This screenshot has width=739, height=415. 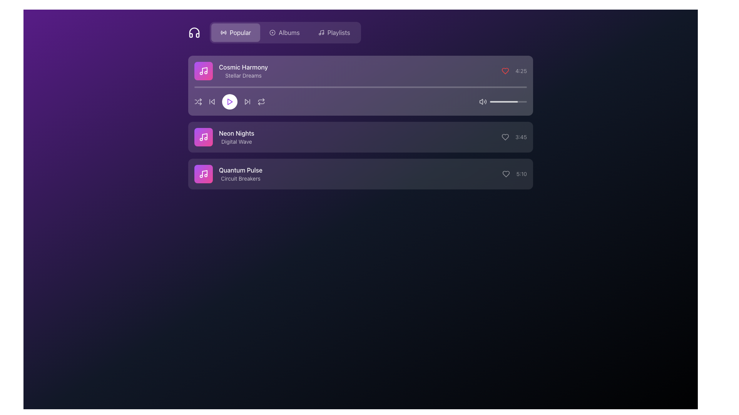 What do you see at coordinates (334, 32) in the screenshot?
I see `the 'Playlists' button on the navigation bar` at bounding box center [334, 32].